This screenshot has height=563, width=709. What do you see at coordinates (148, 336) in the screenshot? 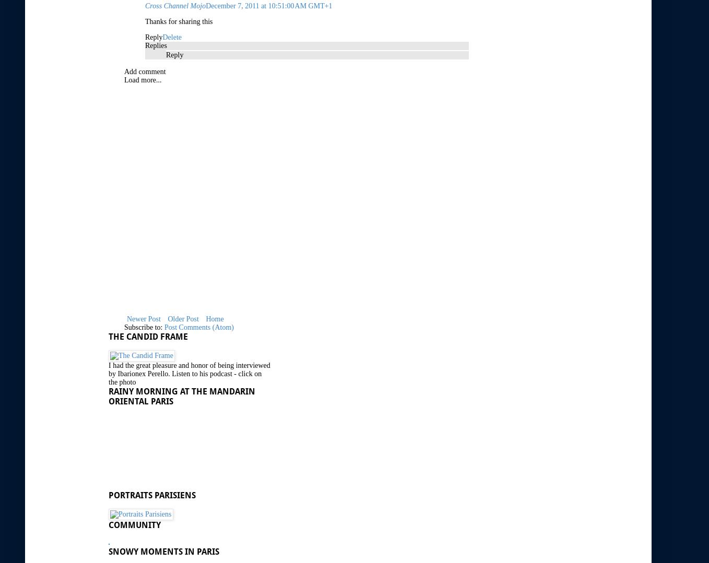
I see `'The Candid Frame'` at bounding box center [148, 336].